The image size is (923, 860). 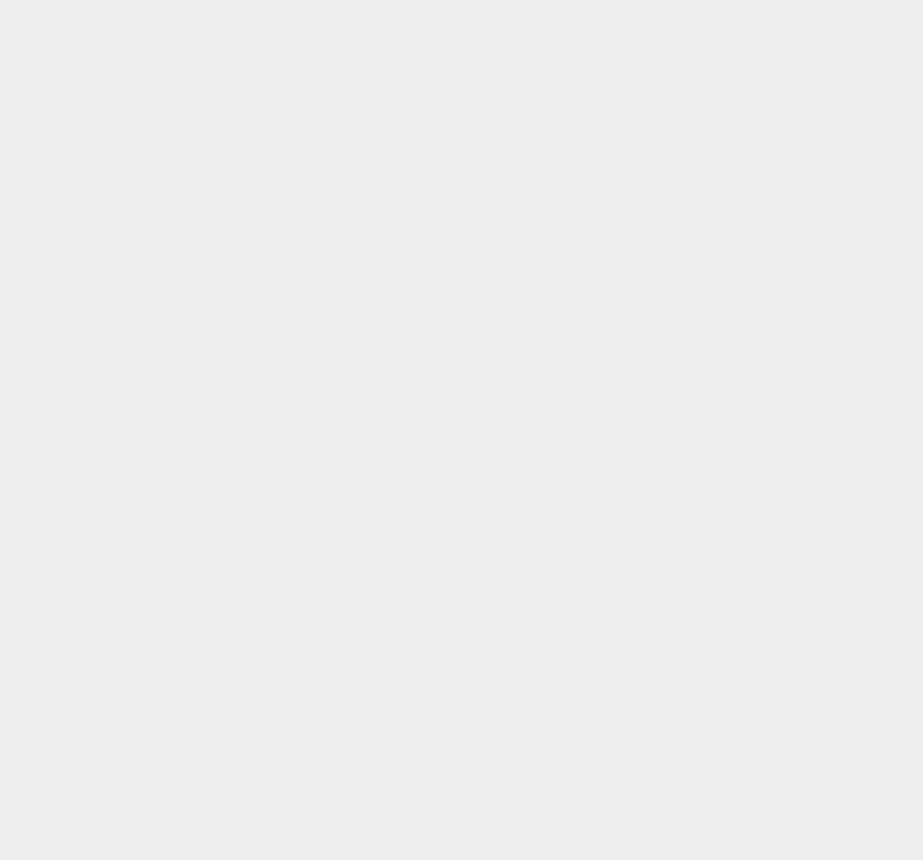 I want to click on 'Nokia', so click(x=665, y=509).